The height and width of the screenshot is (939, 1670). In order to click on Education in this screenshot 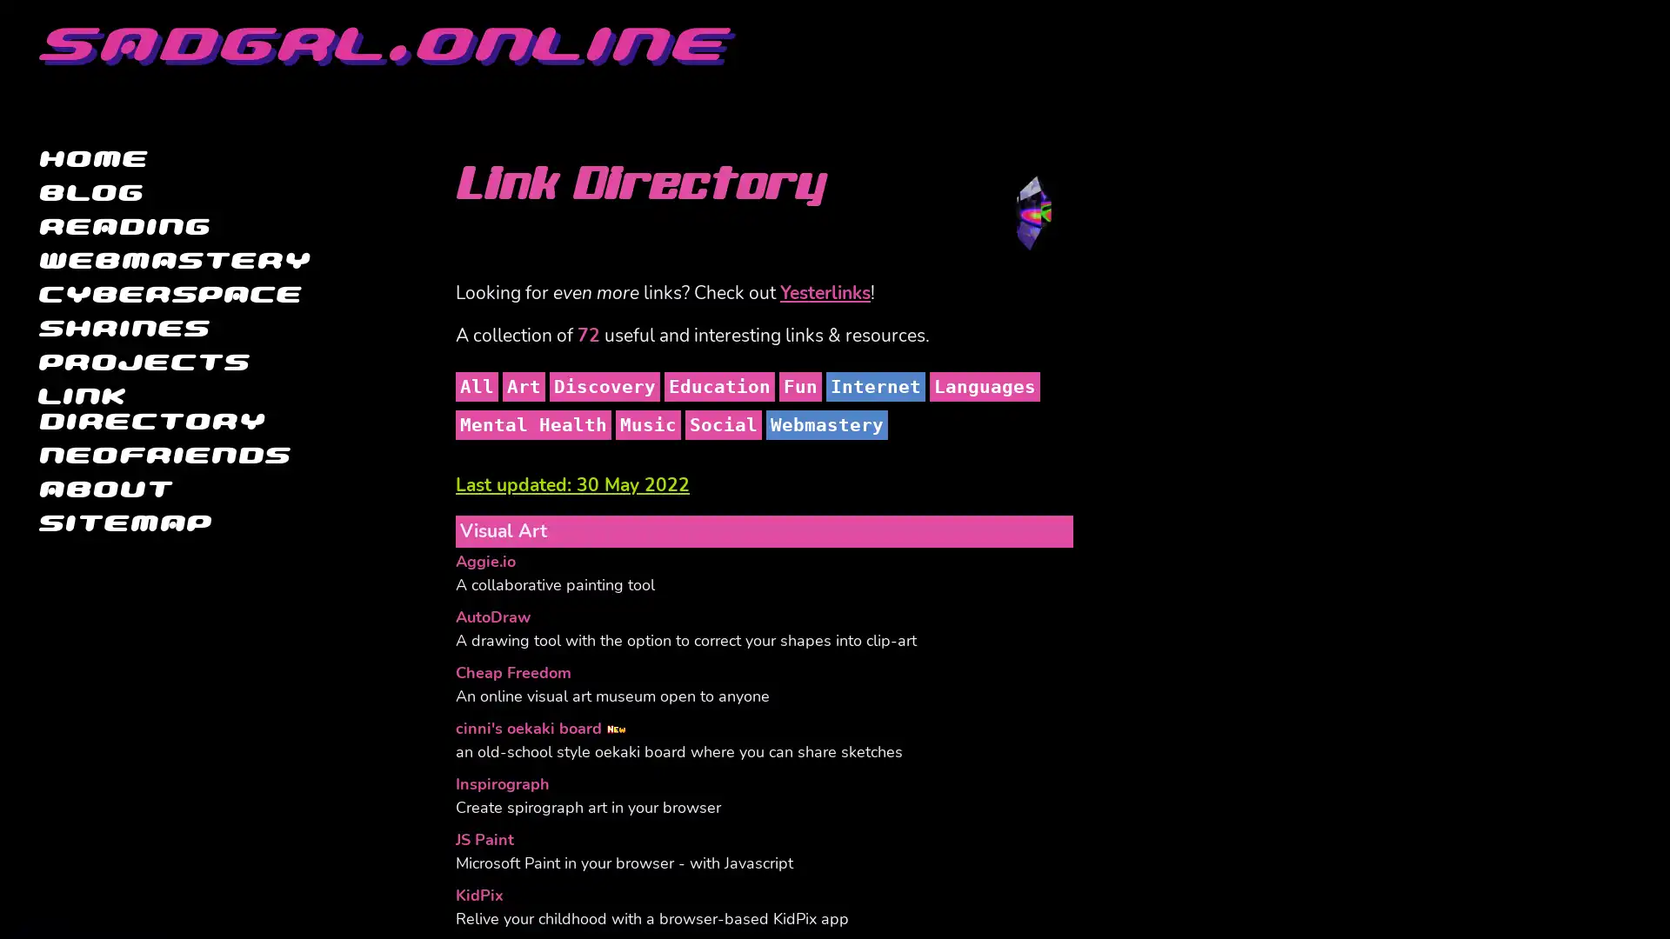, I will do `click(719, 384)`.